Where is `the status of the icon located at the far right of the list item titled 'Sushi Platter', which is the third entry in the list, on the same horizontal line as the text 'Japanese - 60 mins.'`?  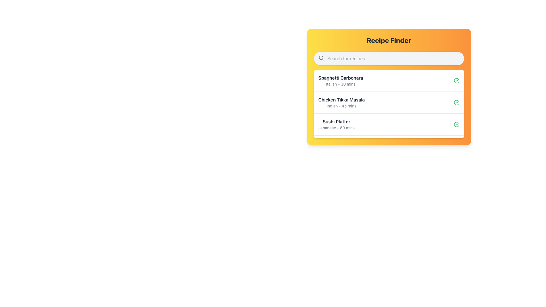
the status of the icon located at the far right of the list item titled 'Sushi Platter', which is the third entry in the list, on the same horizontal line as the text 'Japanese - 60 mins.' is located at coordinates (456, 124).